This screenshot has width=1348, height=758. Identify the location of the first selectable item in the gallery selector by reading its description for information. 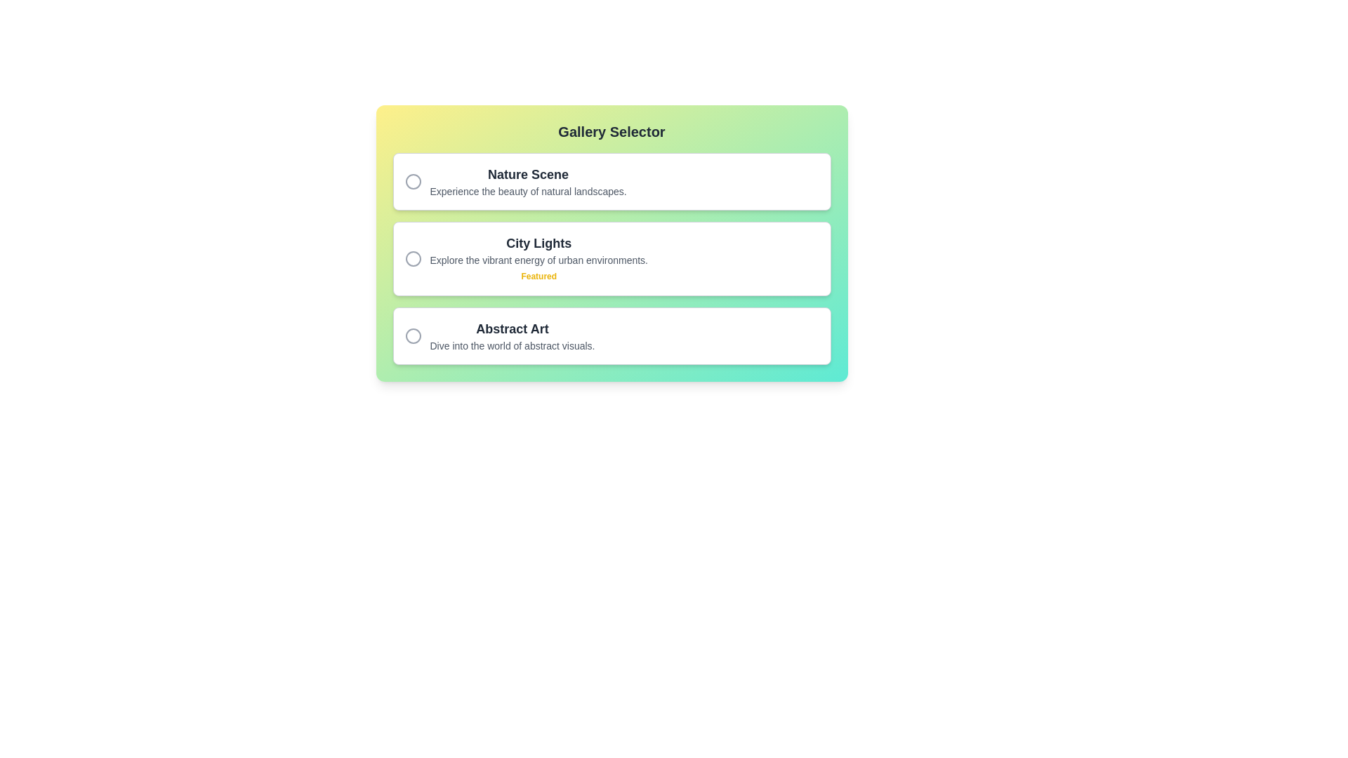
(612, 180).